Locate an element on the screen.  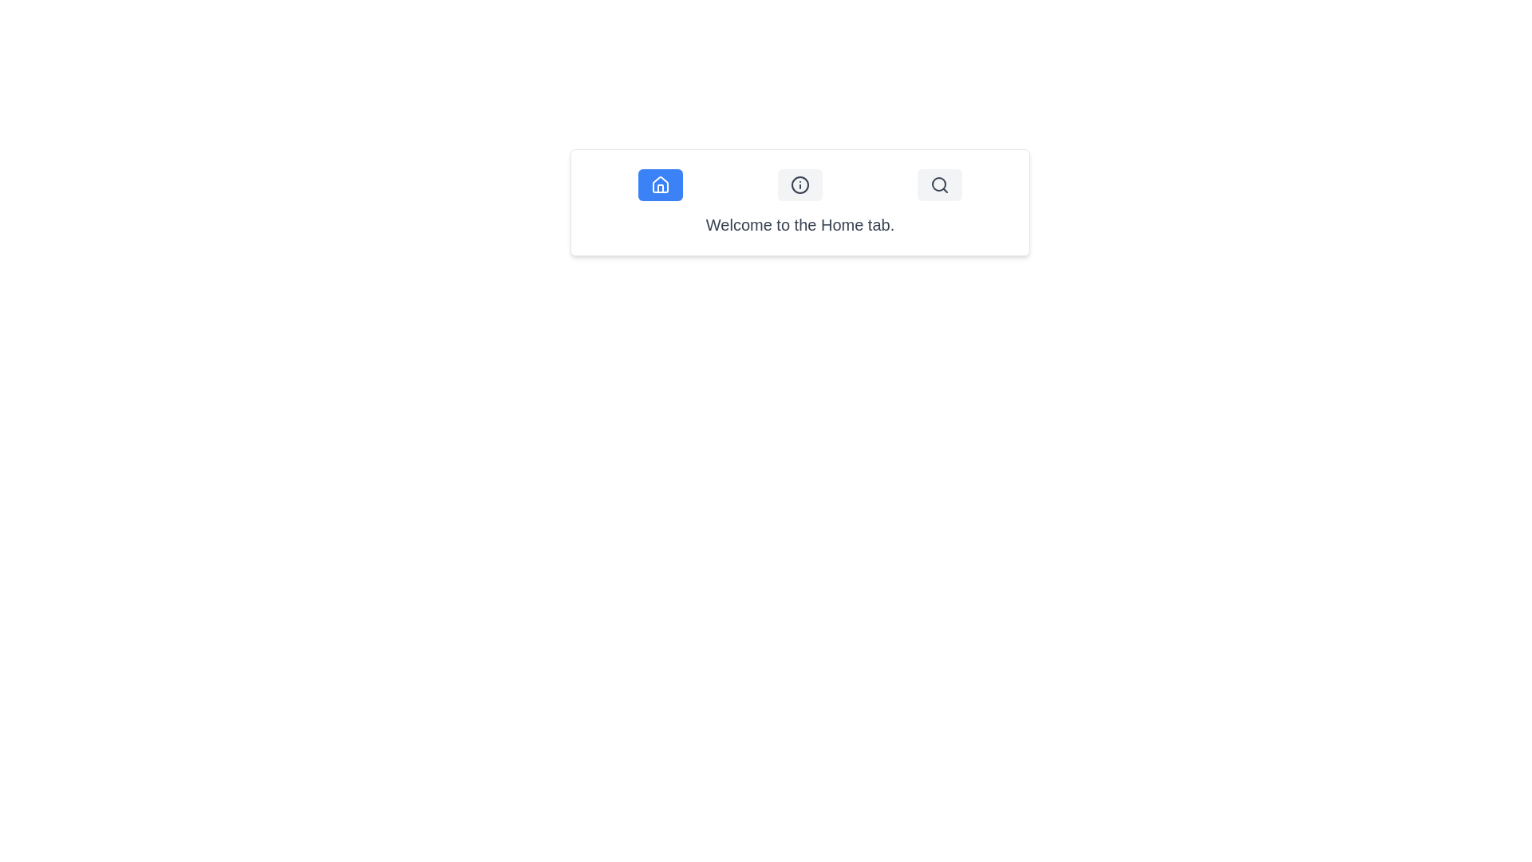
the middle button in the horizontal row of three buttons, which provides information or help related to the current context is located at coordinates (800, 184).